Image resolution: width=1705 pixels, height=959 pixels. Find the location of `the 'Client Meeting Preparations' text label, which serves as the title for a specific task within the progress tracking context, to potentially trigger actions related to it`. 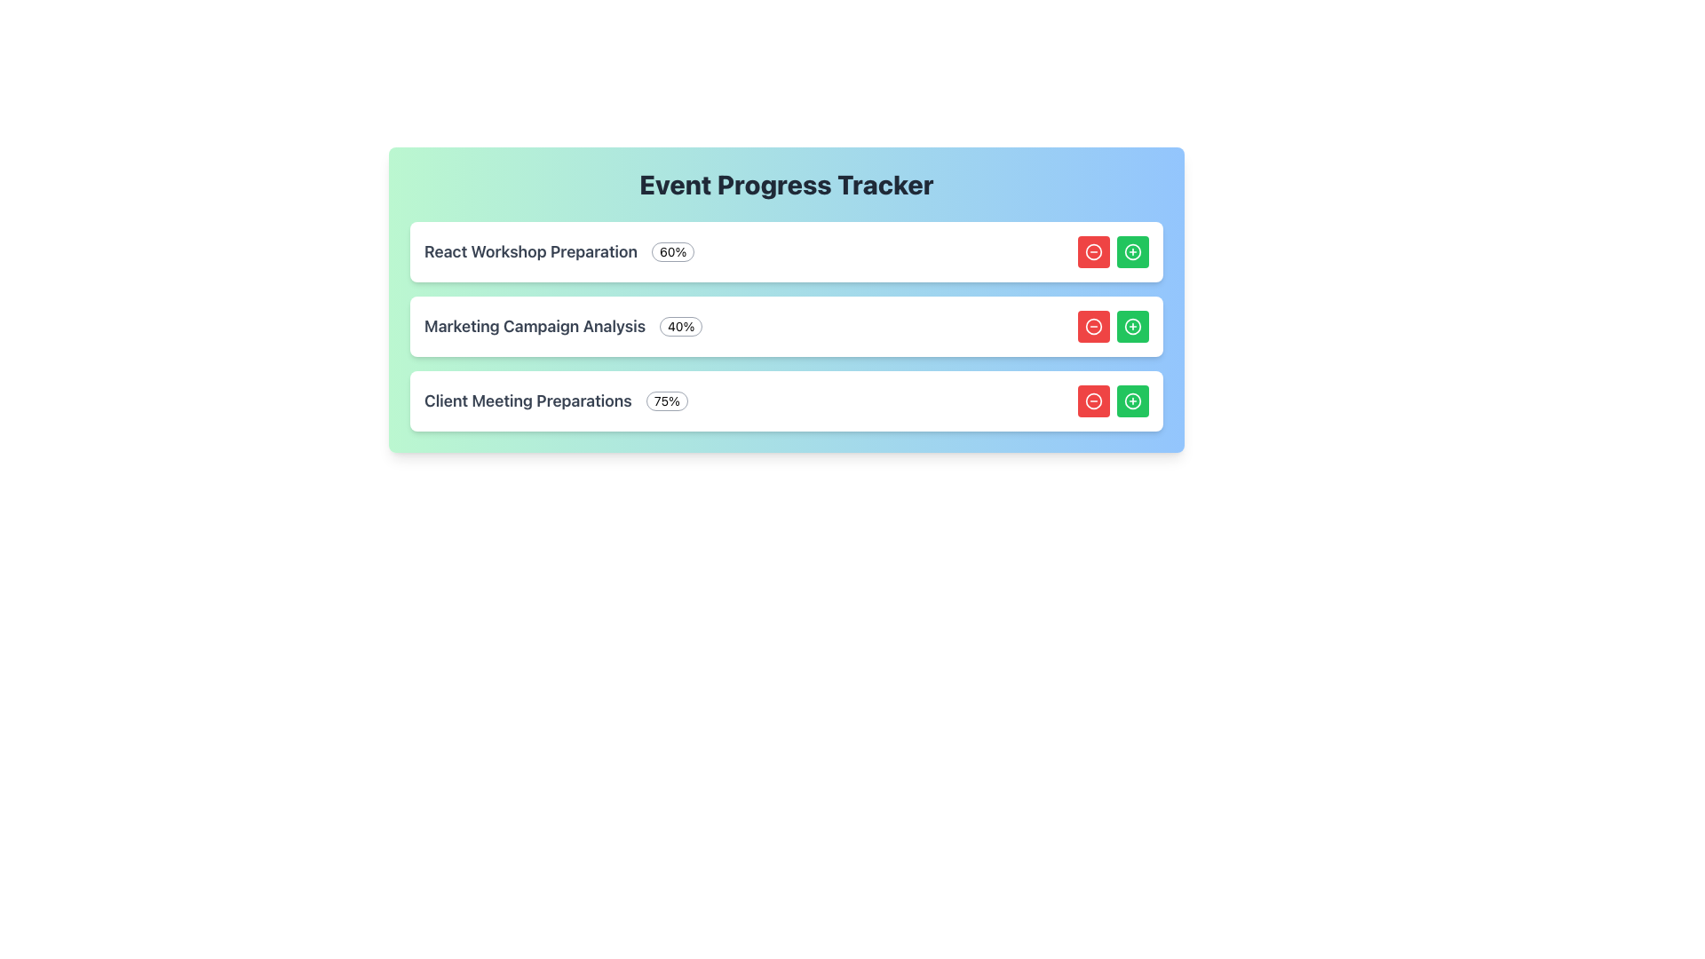

the 'Client Meeting Preparations' text label, which serves as the title for a specific task within the progress tracking context, to potentially trigger actions related to it is located at coordinates (527, 400).